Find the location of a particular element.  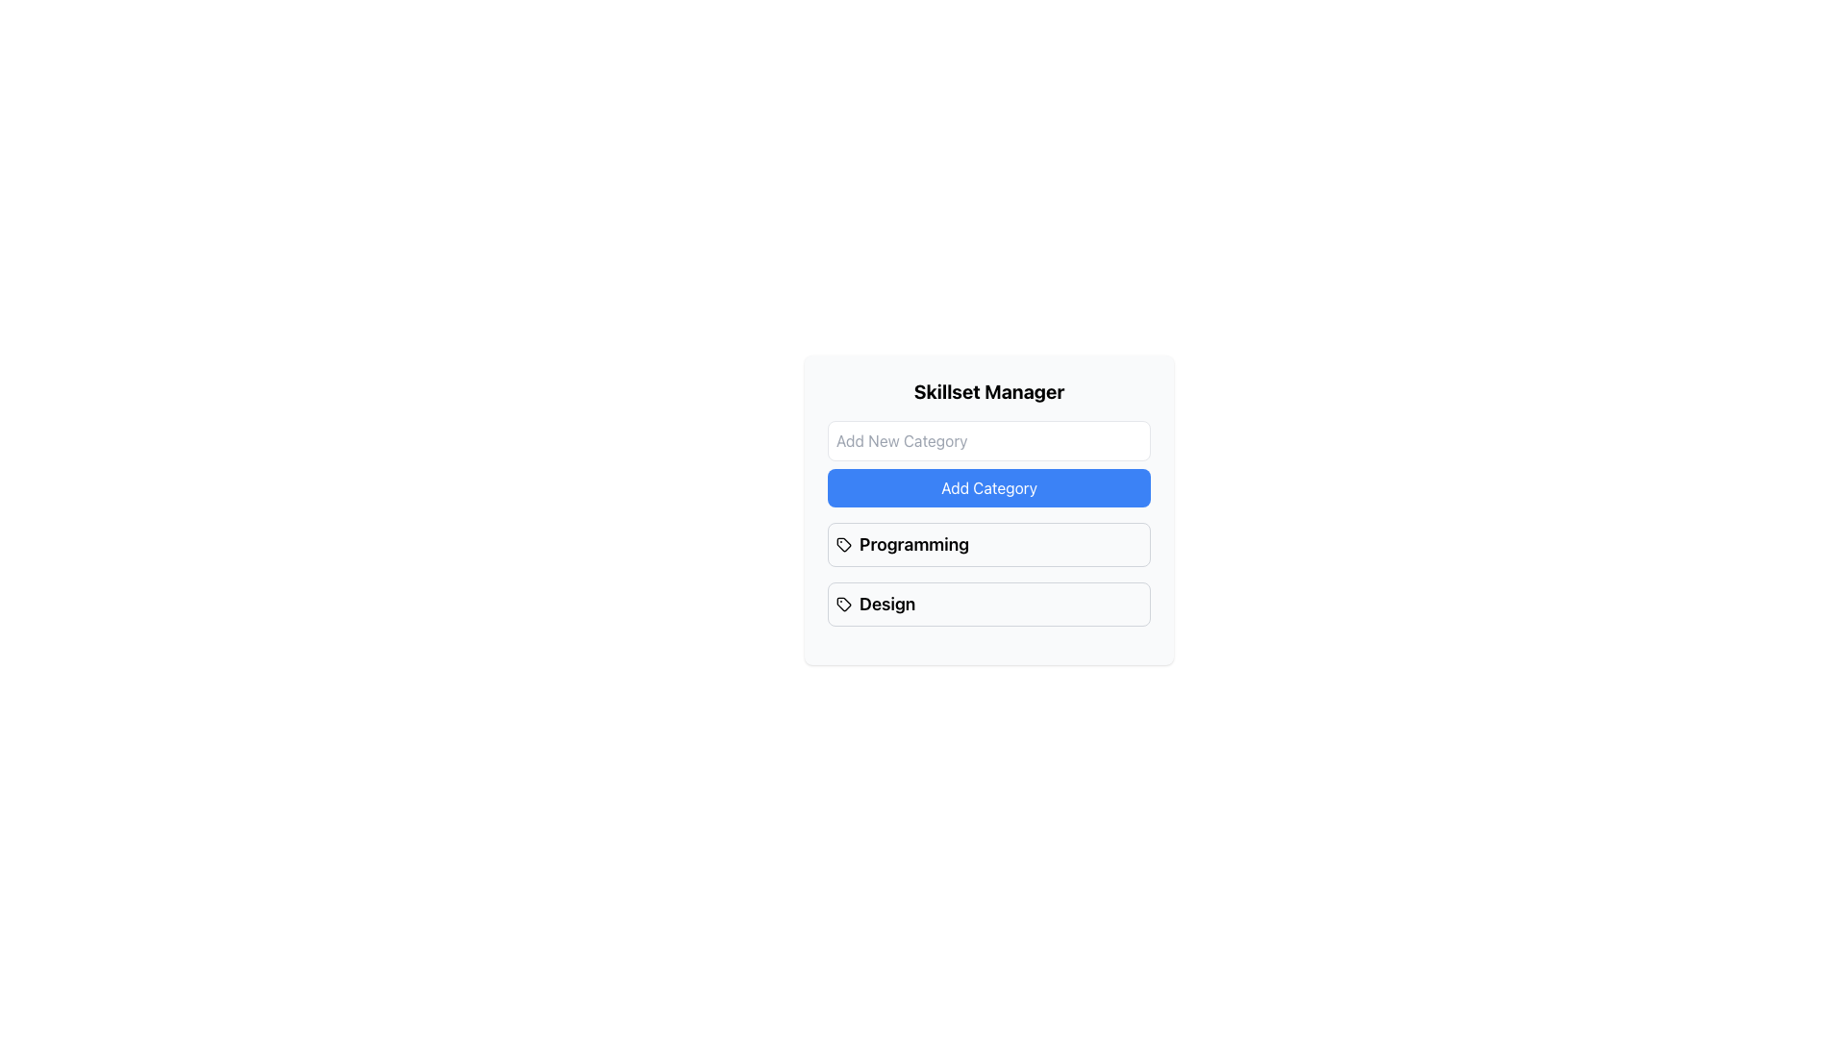

the 'Design' icon in the 'Skillset Manager' list, which serves as a visual marker for the 'Design' entry is located at coordinates (844, 545).